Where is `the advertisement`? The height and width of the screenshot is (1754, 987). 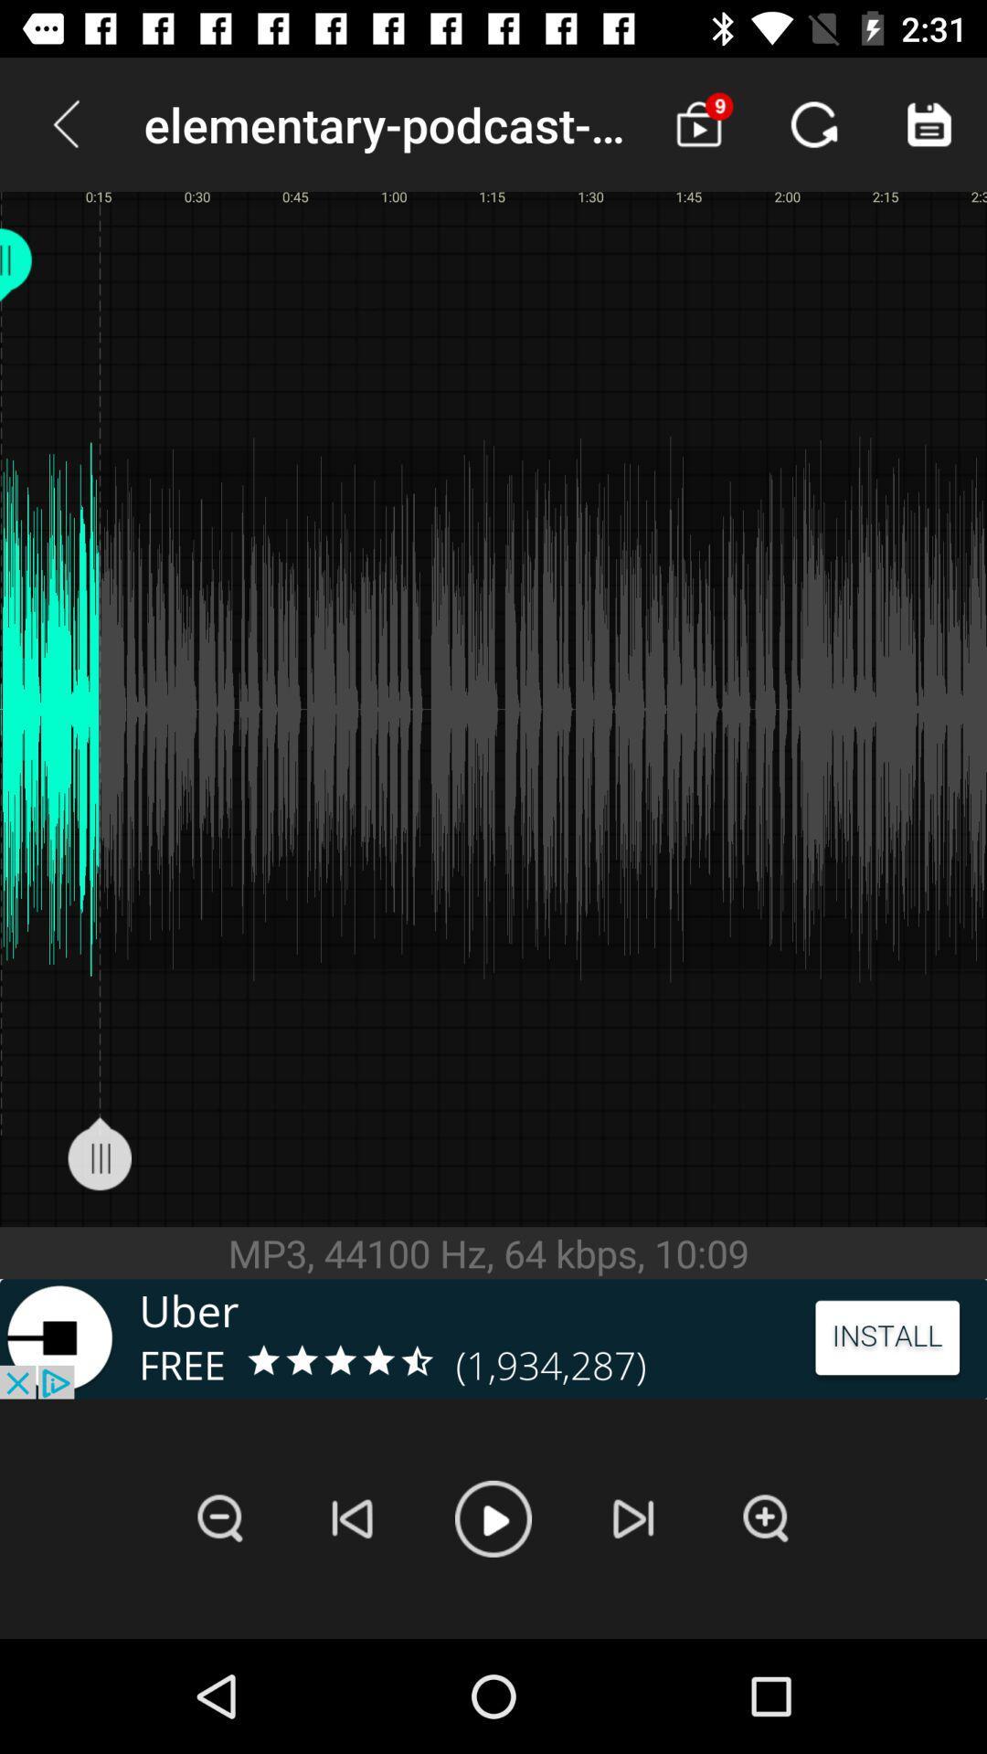 the advertisement is located at coordinates (493, 1338).